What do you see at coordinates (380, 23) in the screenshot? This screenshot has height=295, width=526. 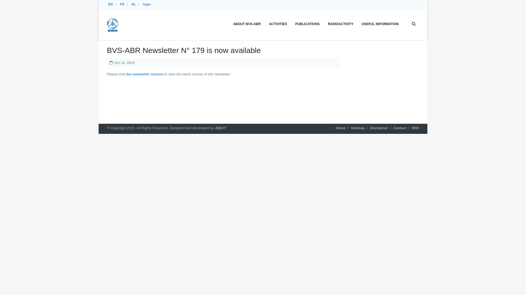 I see `'USEFUL INFORMATION'` at bounding box center [380, 23].